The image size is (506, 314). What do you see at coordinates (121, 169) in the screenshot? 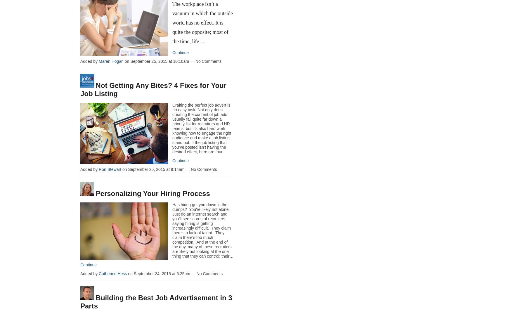
I see `'on September 25, 2015 at 9:14am                            —
                                                            No Comments'` at bounding box center [121, 169].